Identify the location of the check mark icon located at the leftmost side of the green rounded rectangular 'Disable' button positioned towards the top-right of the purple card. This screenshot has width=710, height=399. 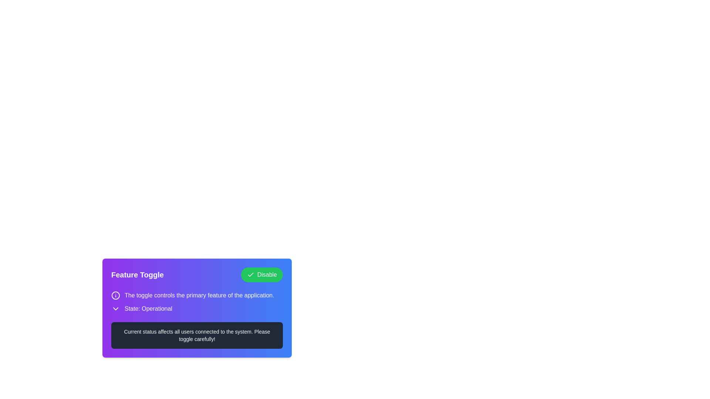
(250, 275).